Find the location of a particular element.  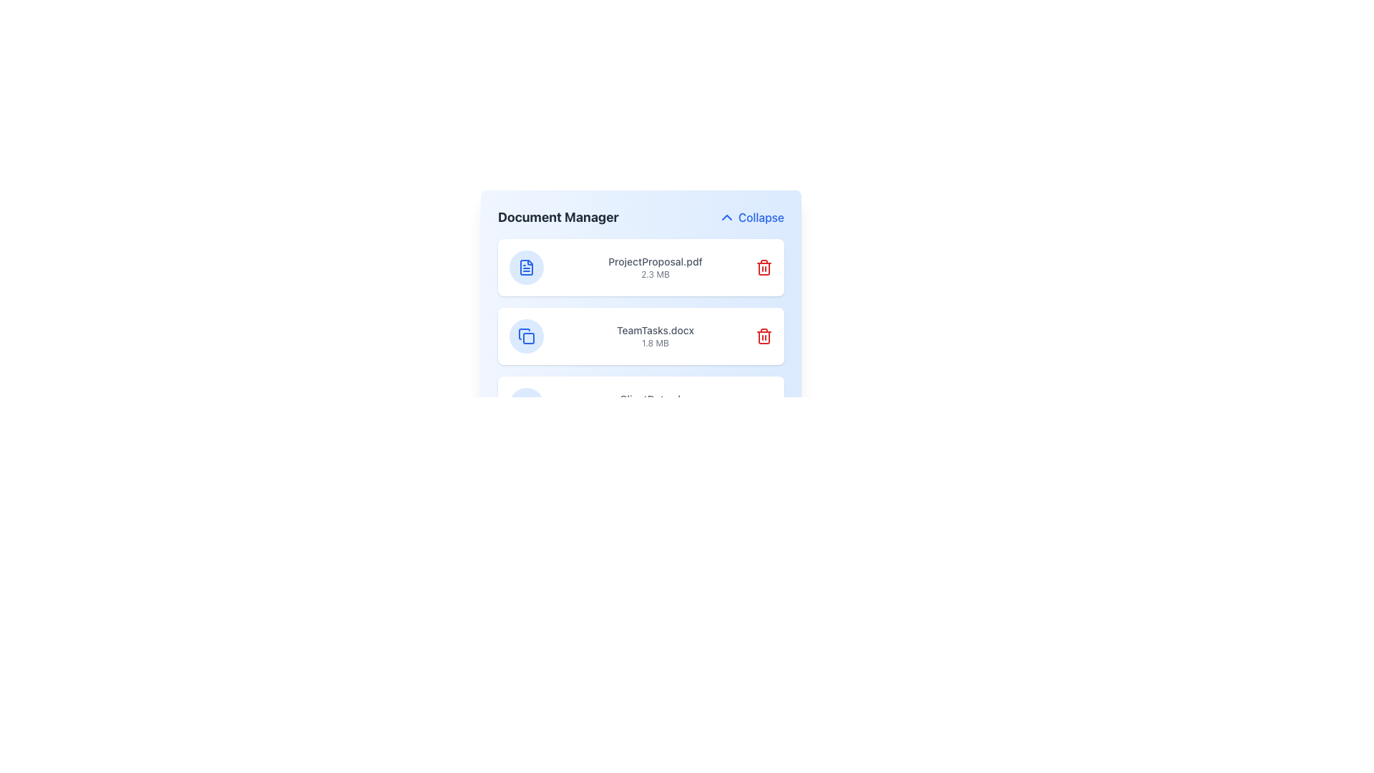

the first File list item in the Document Manager section is located at coordinates (640, 268).